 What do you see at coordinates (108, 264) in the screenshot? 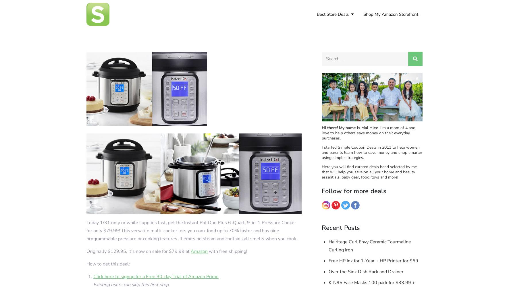
I see `'How to get this deal:'` at bounding box center [108, 264].